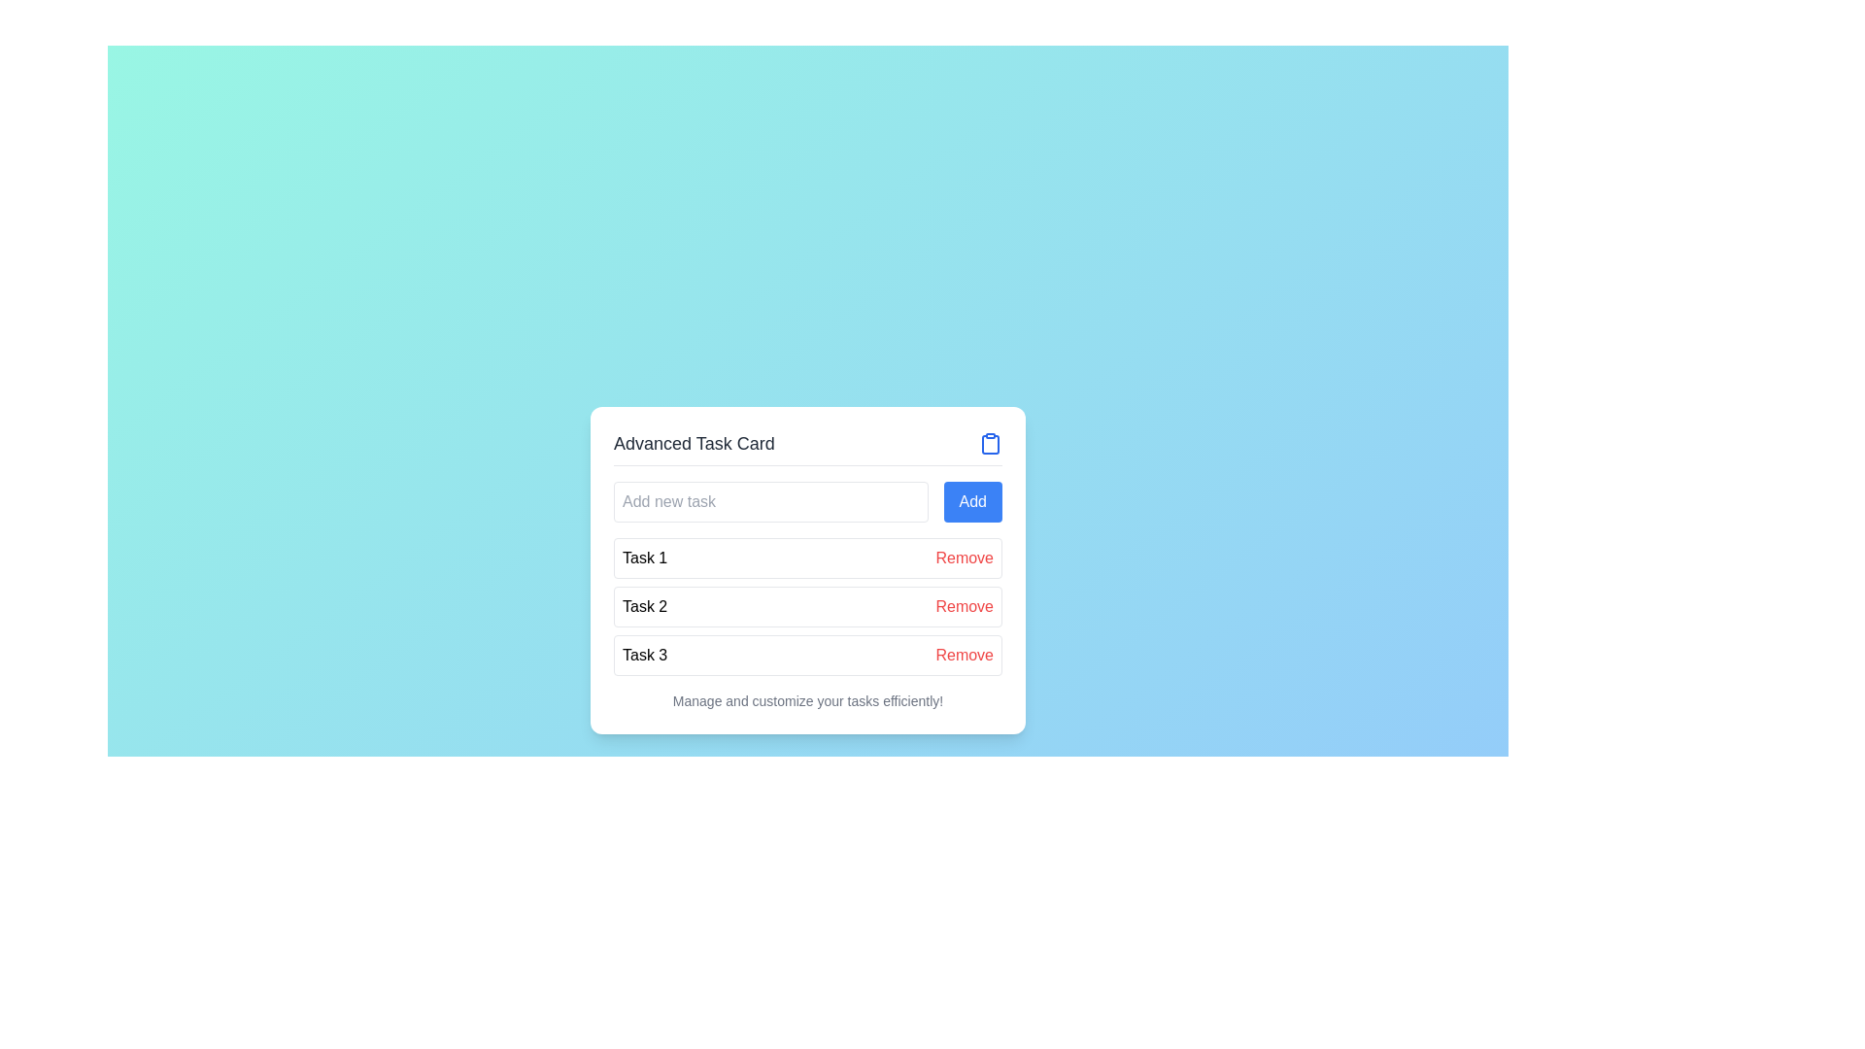 The image size is (1865, 1049). What do you see at coordinates (965, 605) in the screenshot?
I see `the second 'Remove' button, which is styled in red and located to the right of the 'Task 2' label in the task list interface` at bounding box center [965, 605].